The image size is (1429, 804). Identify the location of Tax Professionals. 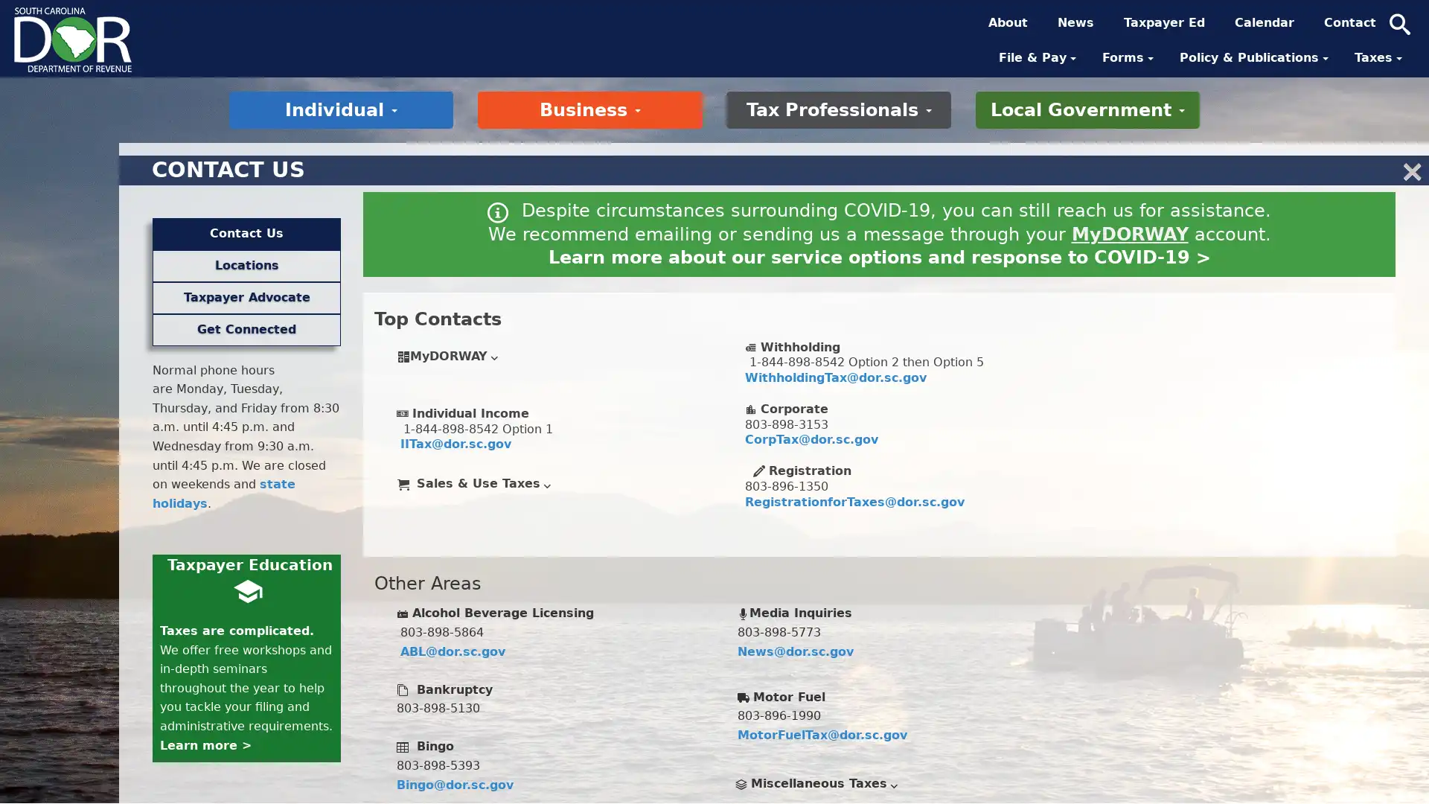
(838, 108).